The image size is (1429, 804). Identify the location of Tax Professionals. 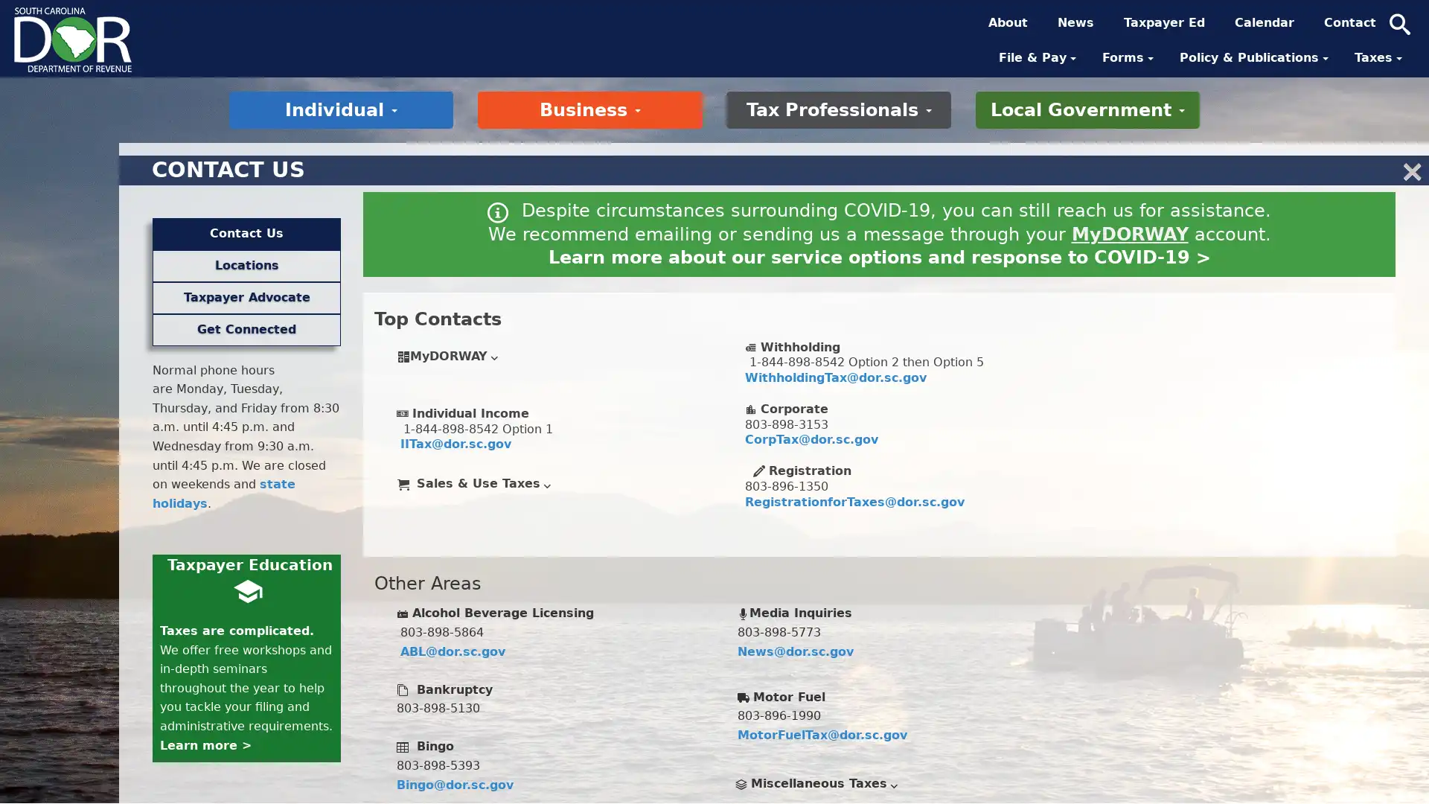
(838, 108).